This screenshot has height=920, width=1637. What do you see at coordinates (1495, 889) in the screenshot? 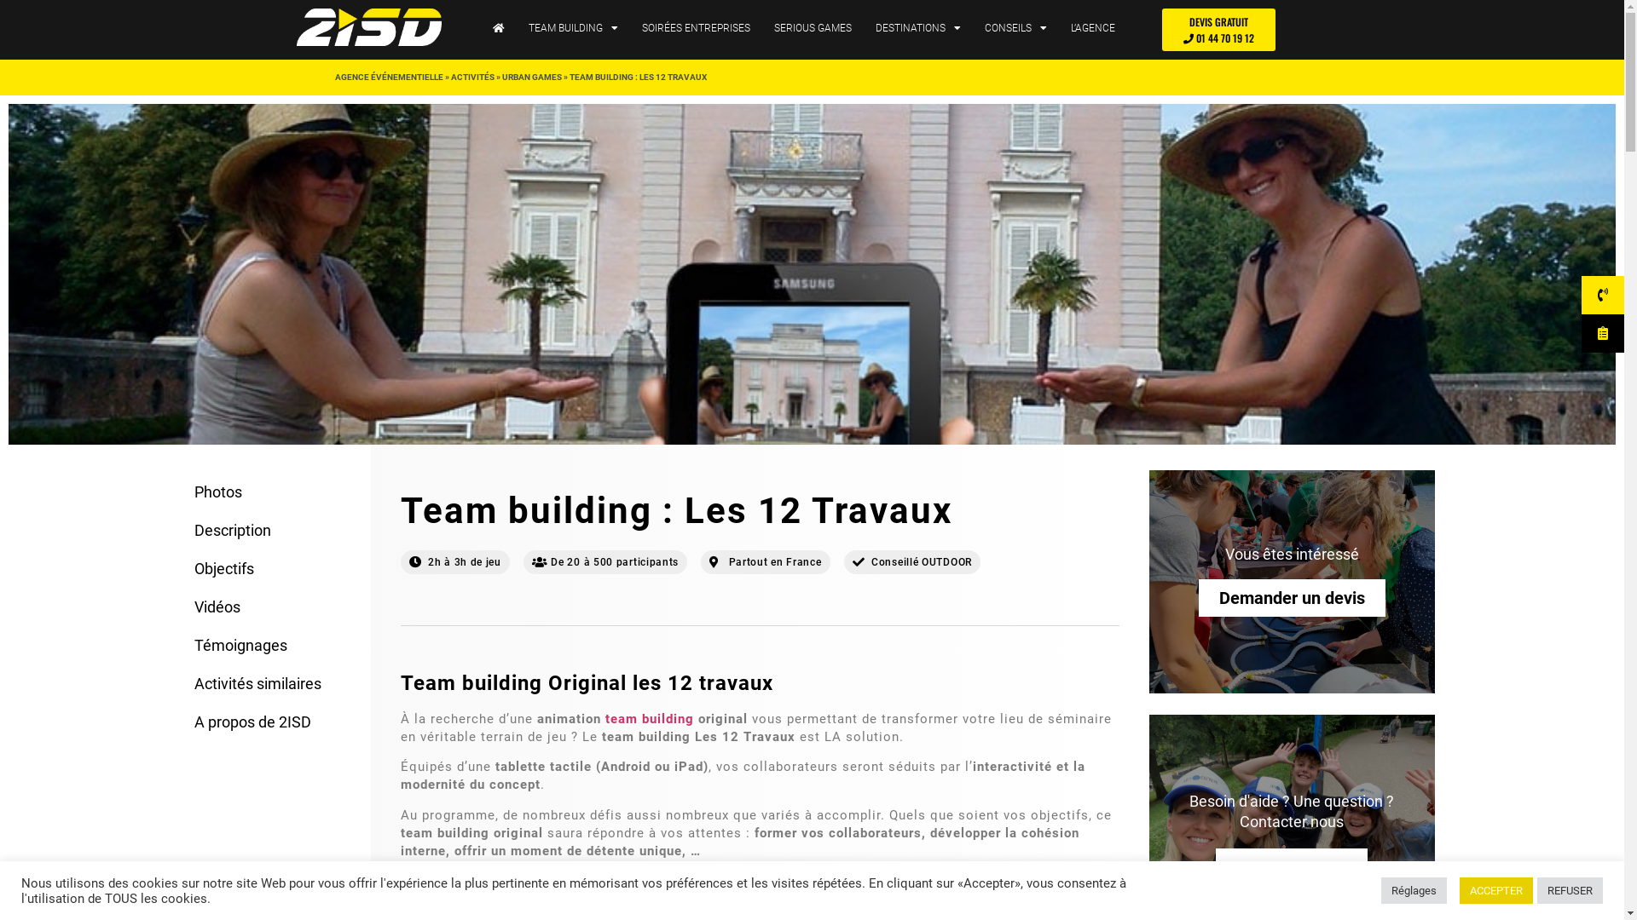
I see `'ACCEPTER'` at bounding box center [1495, 889].